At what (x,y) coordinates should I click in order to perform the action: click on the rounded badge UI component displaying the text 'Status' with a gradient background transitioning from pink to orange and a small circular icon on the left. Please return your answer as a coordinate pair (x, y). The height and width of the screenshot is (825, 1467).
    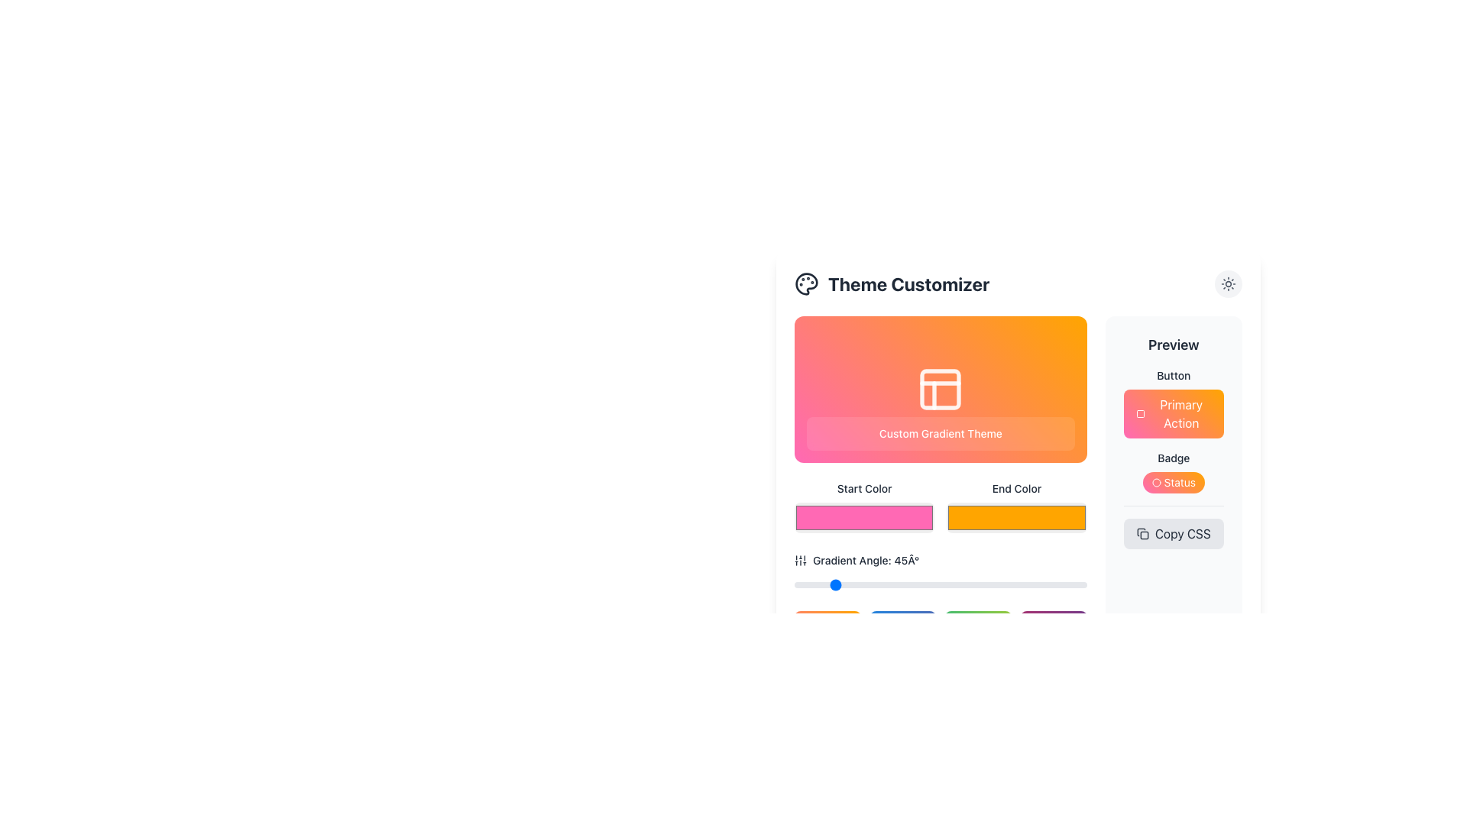
    Looking at the image, I should click on (1173, 483).